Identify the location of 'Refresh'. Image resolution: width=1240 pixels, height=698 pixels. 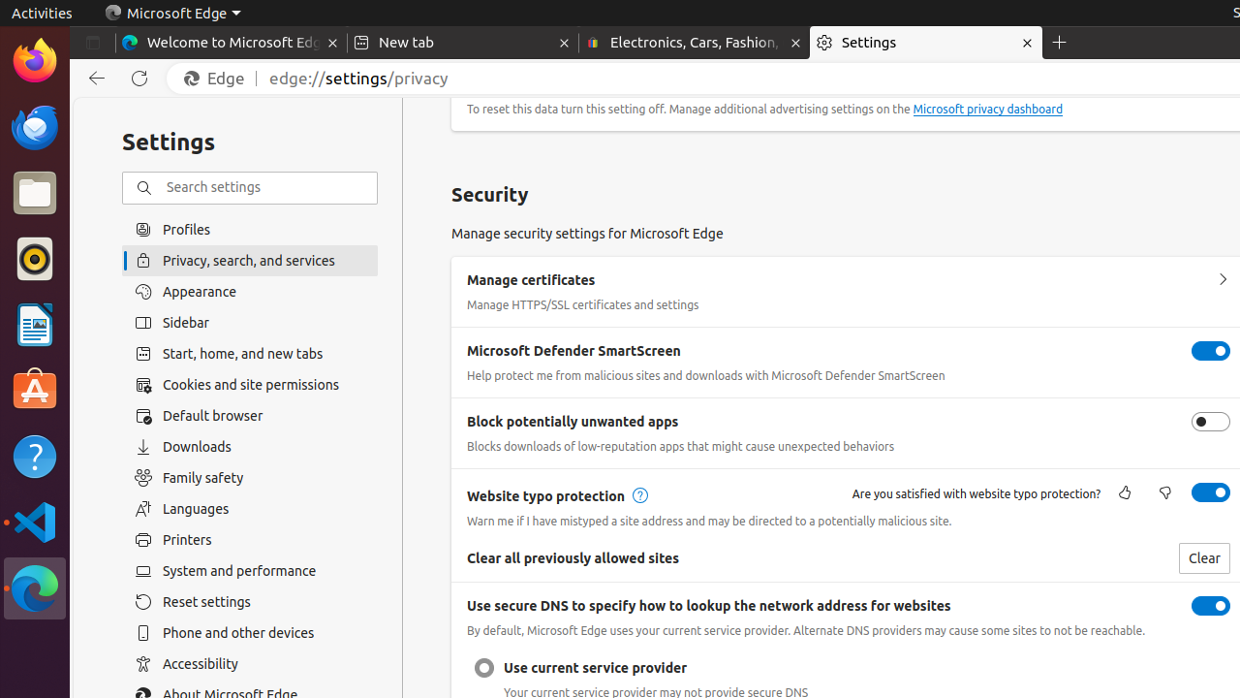
(139, 78).